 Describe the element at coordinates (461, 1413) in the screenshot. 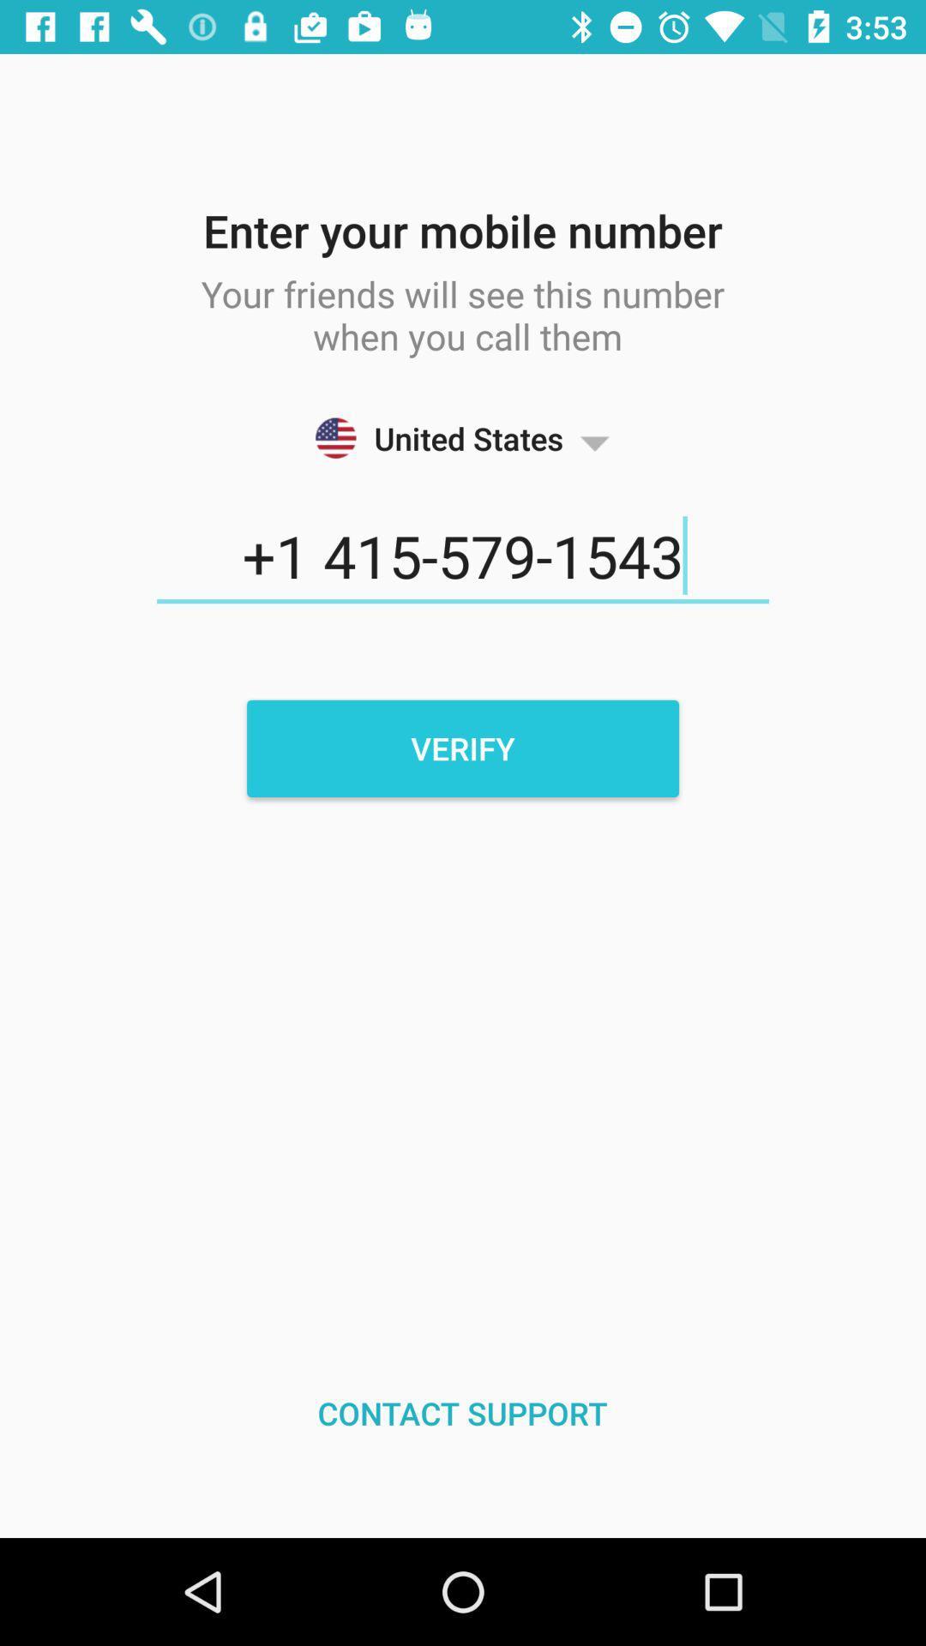

I see `the icon below the verify icon` at that location.